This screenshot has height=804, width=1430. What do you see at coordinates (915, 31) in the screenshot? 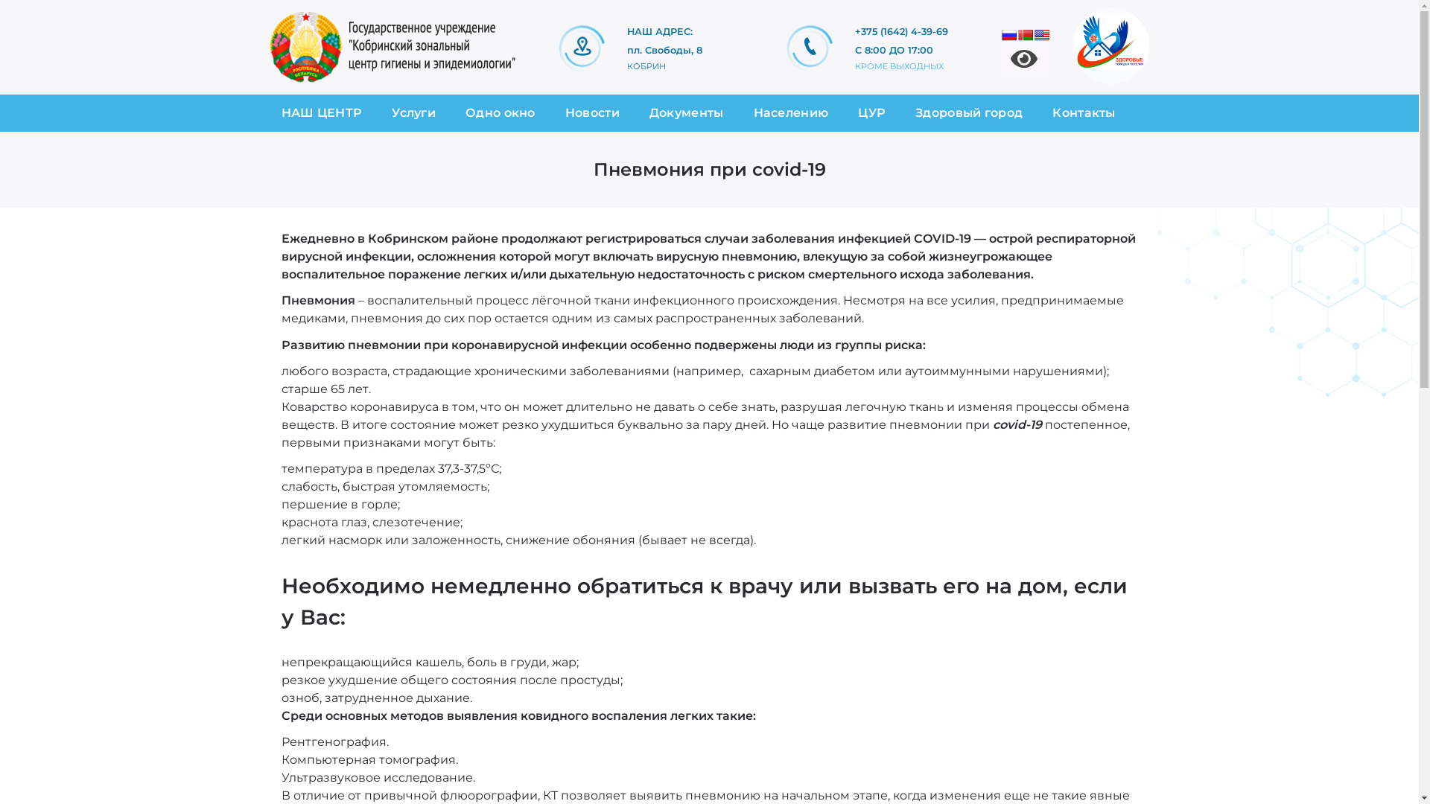
I see `'+375 (1642) 4-39-69'` at bounding box center [915, 31].